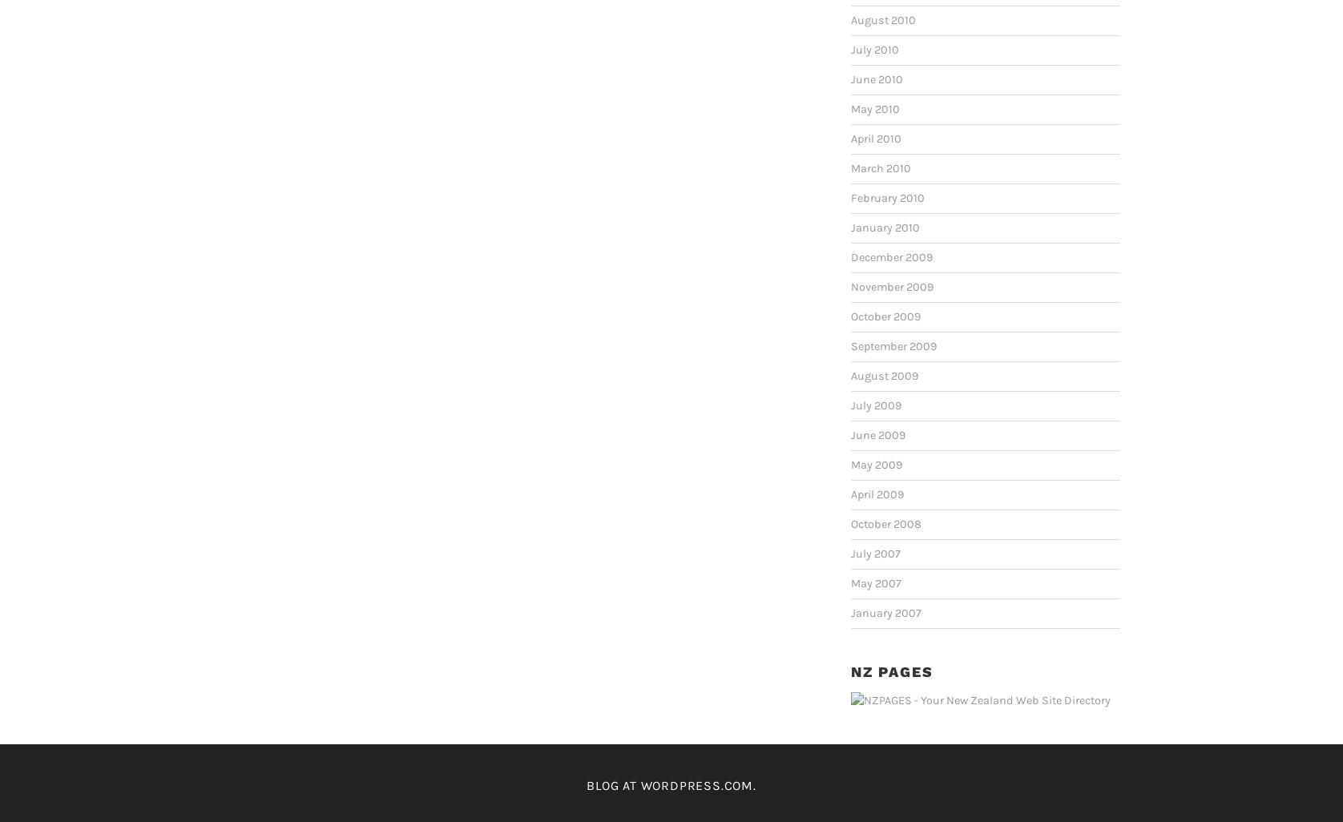 This screenshot has width=1343, height=822. Describe the element at coordinates (874, 552) in the screenshot. I see `'July 2007'` at that location.